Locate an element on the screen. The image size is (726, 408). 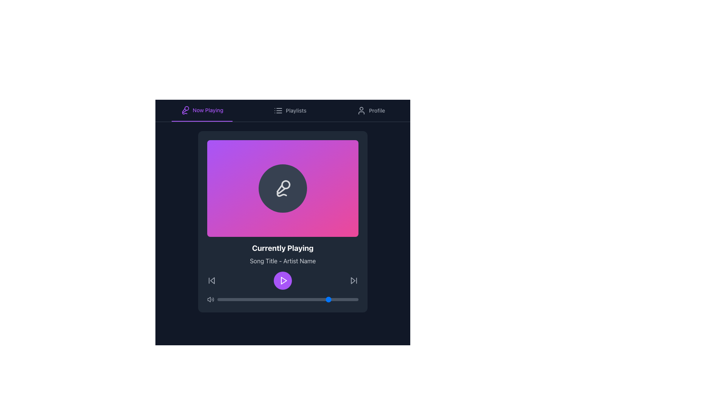
the previous track button represented by an SVG graphic to change its color to white is located at coordinates (212, 281).